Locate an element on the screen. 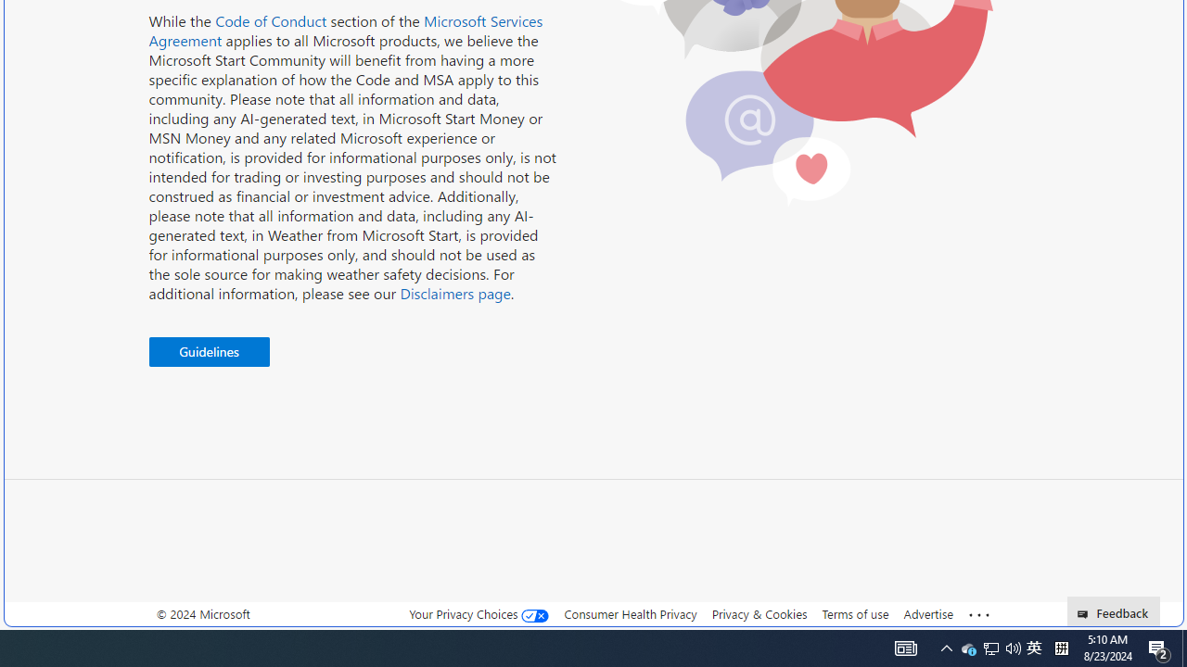 This screenshot has width=1187, height=667. 'Disclaimers page' is located at coordinates (454, 292).